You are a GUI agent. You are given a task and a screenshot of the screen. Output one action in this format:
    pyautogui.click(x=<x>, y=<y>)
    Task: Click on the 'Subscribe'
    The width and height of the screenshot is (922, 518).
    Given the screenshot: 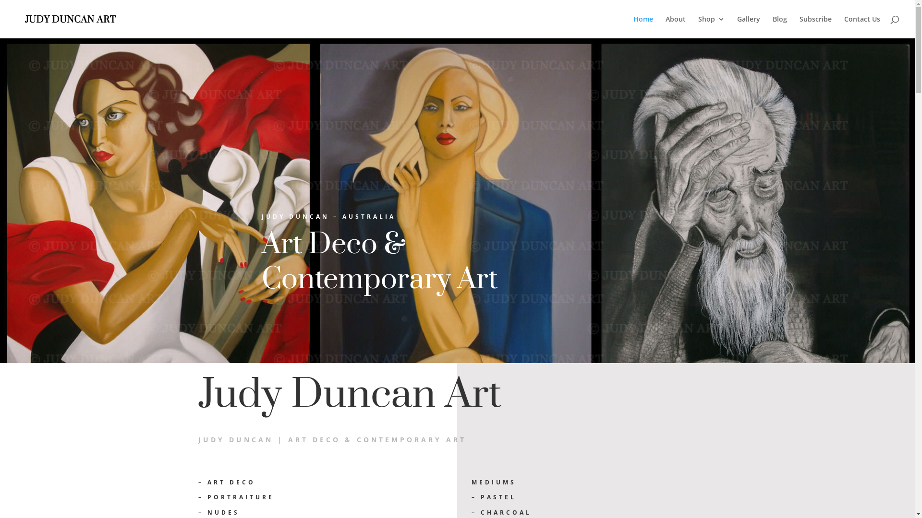 What is the action you would take?
    pyautogui.click(x=815, y=26)
    